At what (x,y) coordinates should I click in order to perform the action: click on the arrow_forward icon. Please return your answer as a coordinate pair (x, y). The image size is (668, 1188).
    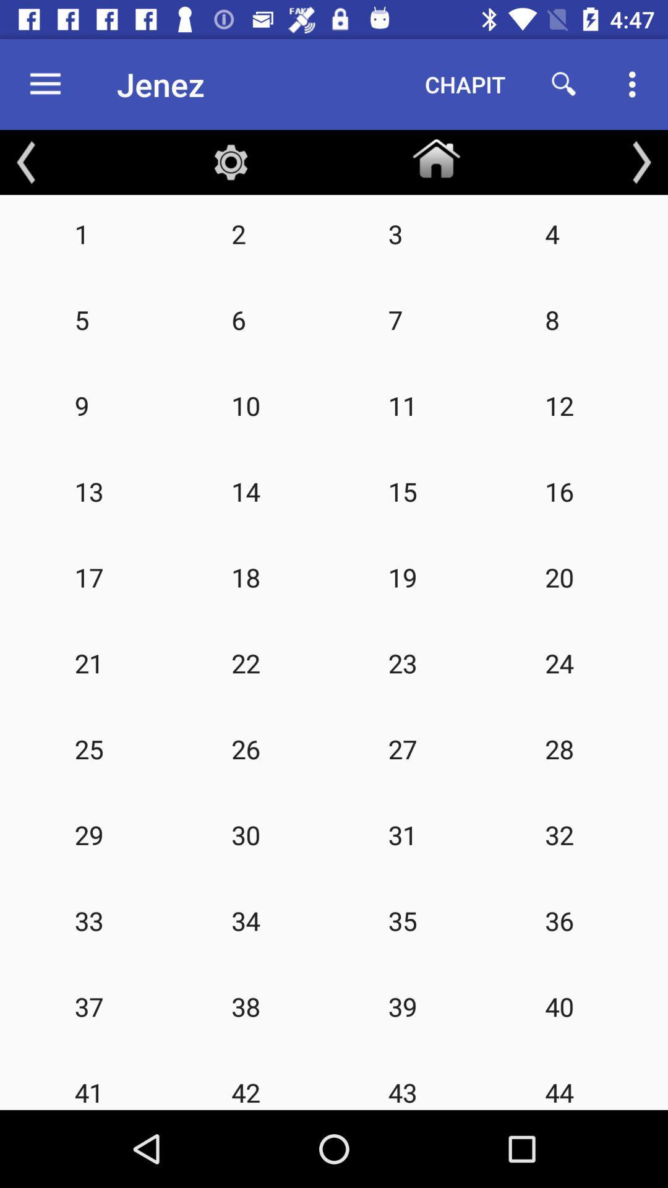
    Looking at the image, I should click on (641, 161).